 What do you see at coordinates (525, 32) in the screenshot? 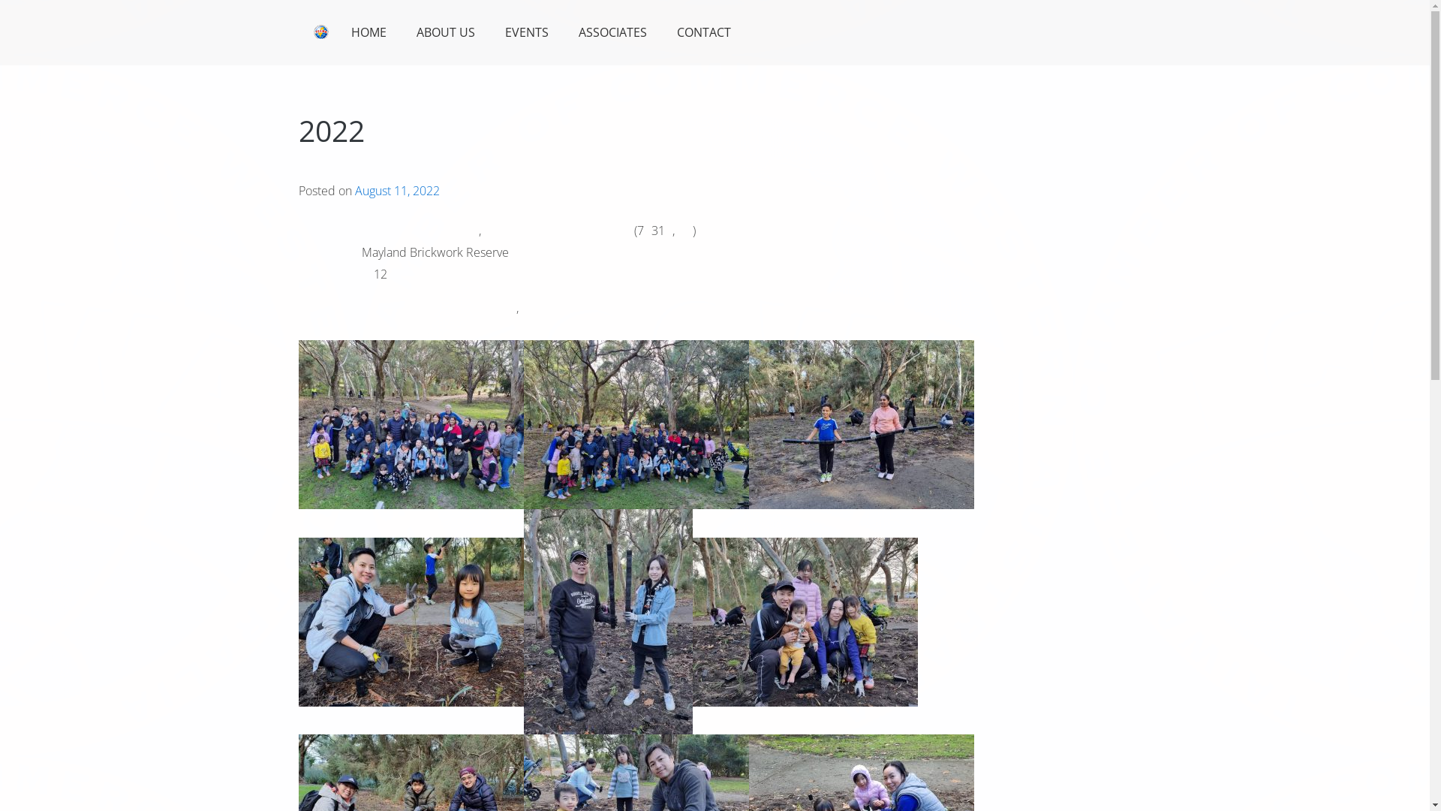
I see `'EVENTS'` at bounding box center [525, 32].